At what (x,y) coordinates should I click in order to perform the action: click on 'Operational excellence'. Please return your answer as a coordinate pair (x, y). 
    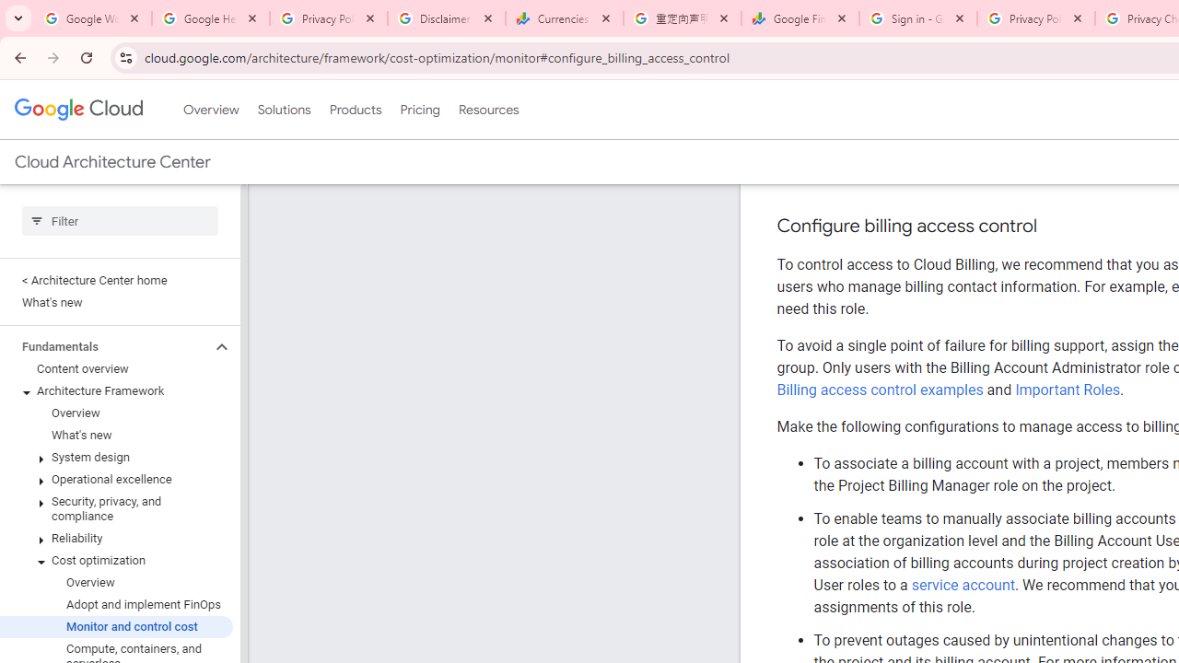
    Looking at the image, I should click on (115, 478).